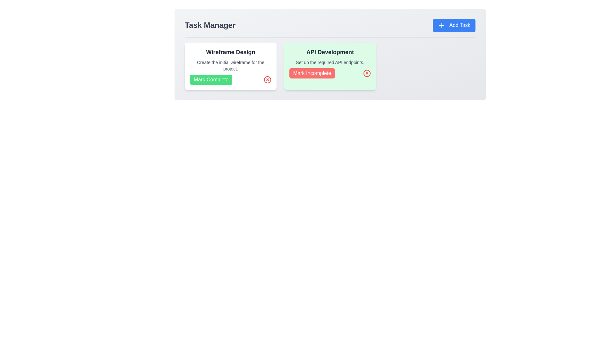 This screenshot has width=616, height=346. I want to click on the text element providing instructions related to the 'API Development' task, located within the card labeled 'API Development', positioned beneath the title and above the 'Mark Incomplete' button, so click(330, 62).